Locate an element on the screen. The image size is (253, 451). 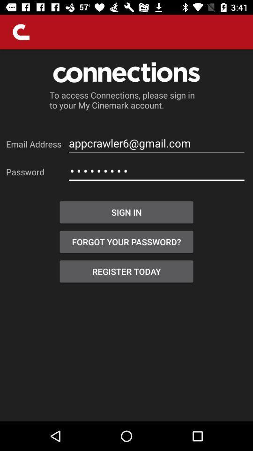
the appcrawler6@gmail.com icon is located at coordinates (156, 143).